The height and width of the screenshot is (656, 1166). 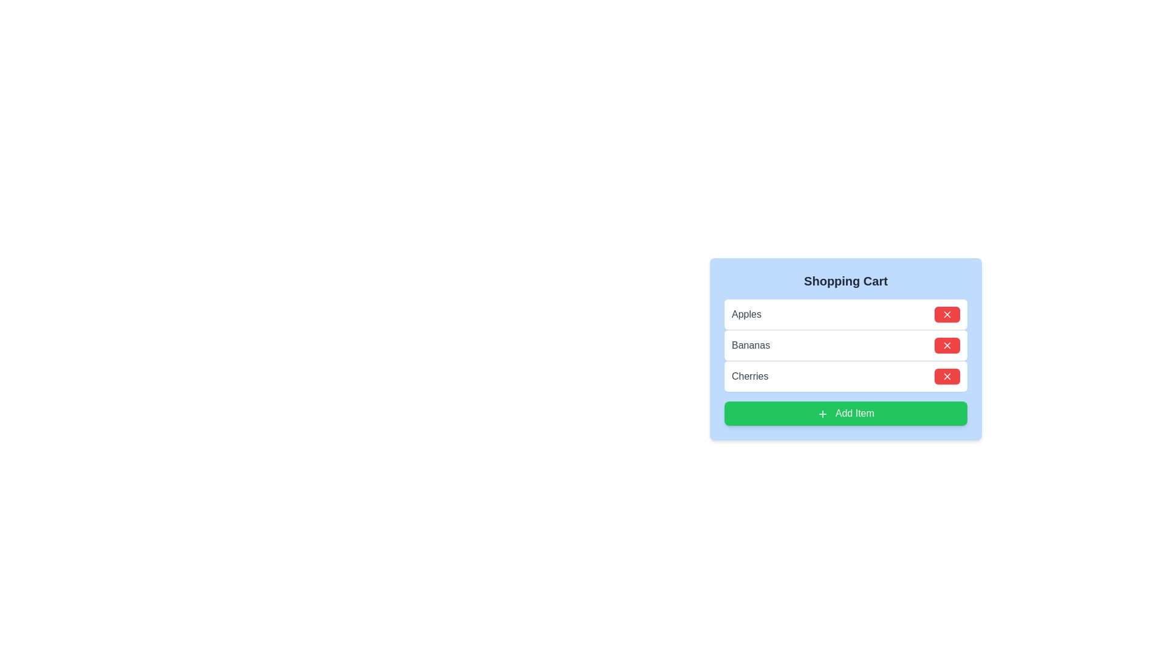 What do you see at coordinates (947, 313) in the screenshot?
I see `the button that removes 'Apples' from the list to observe interactivity effects` at bounding box center [947, 313].